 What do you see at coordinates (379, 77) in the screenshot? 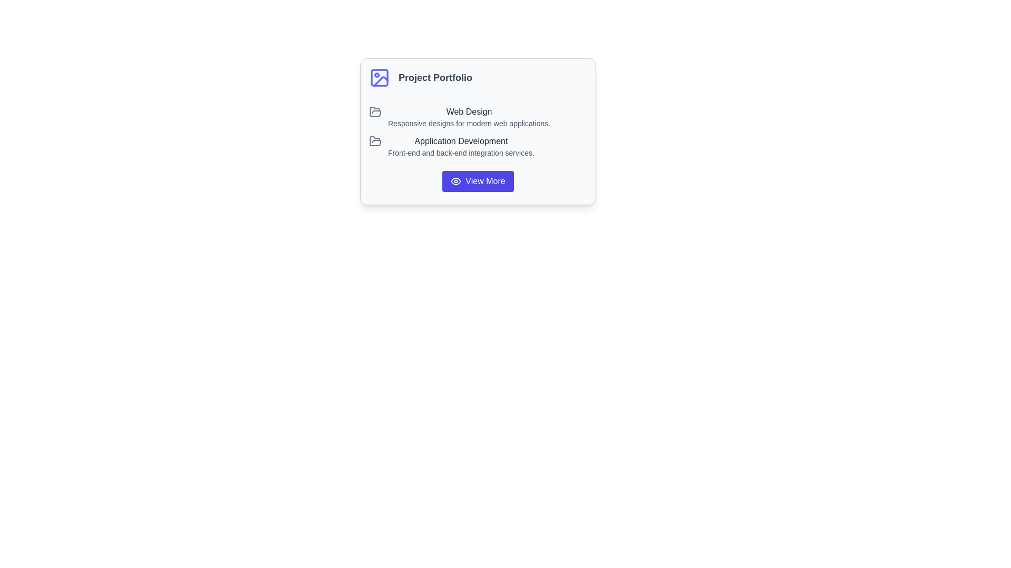
I see `the indigo SVG icon in the header of the 'Project Portfolio' section, which features a rectangle with rounded corners, a circle in the top-left corner, and a diagonal line within the frame` at bounding box center [379, 77].